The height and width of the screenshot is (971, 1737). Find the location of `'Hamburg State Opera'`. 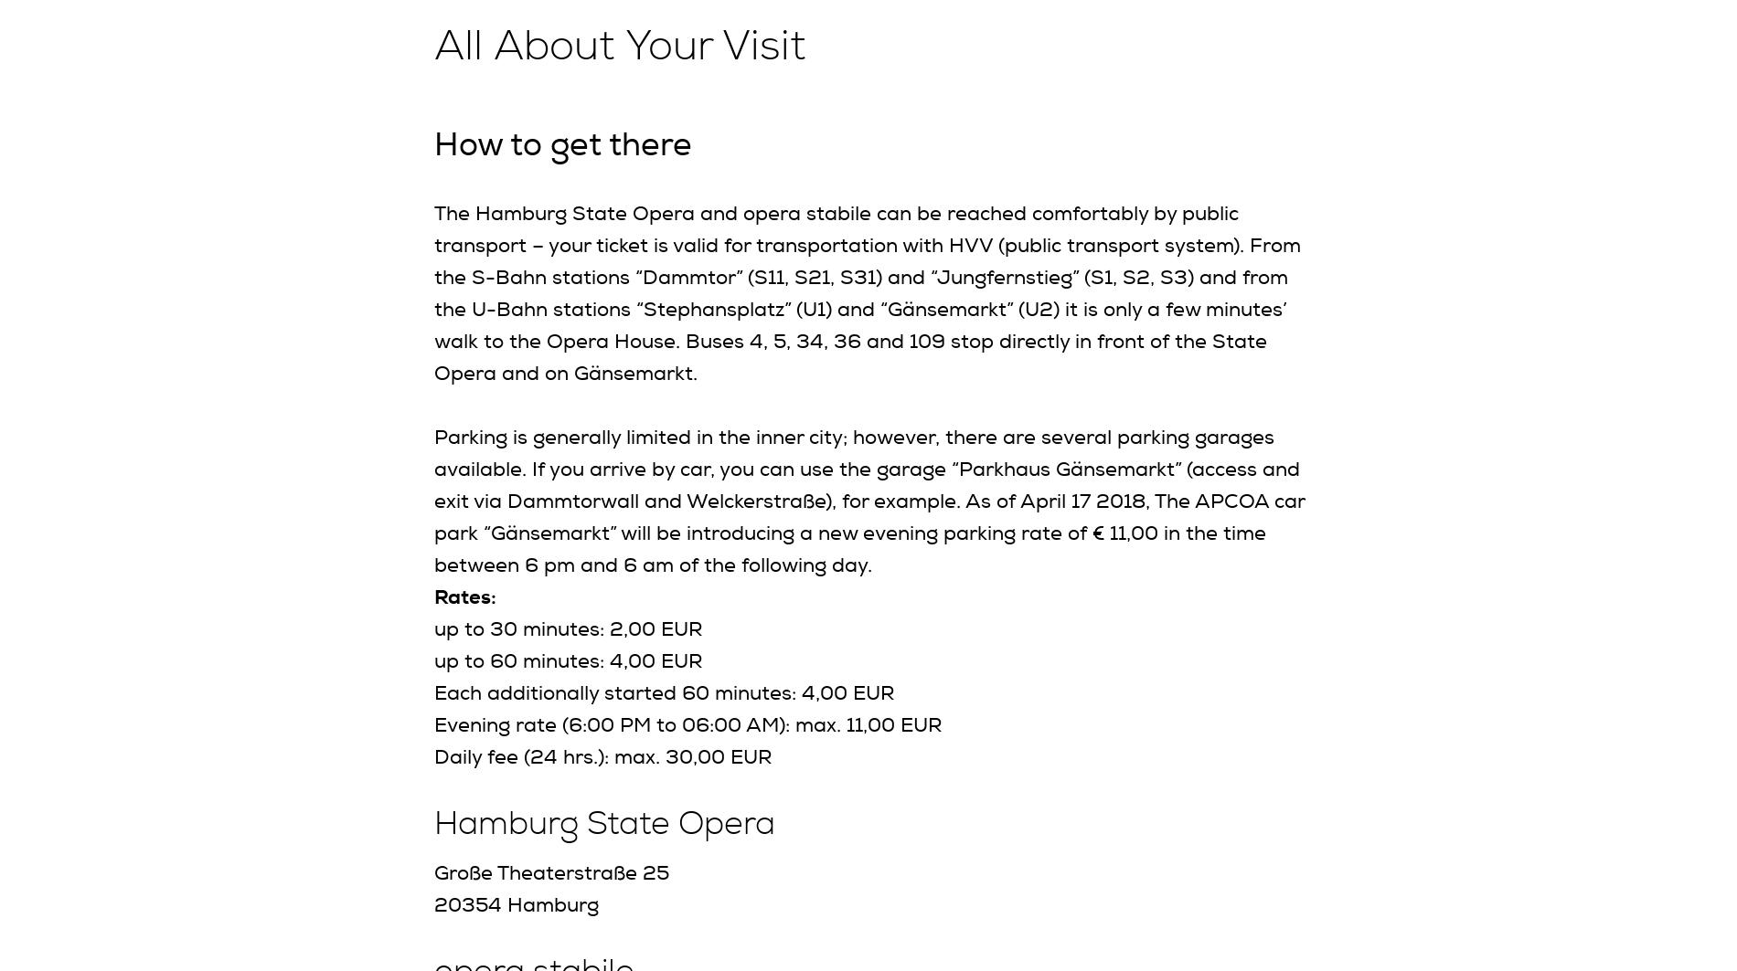

'Hamburg State Opera' is located at coordinates (604, 822).